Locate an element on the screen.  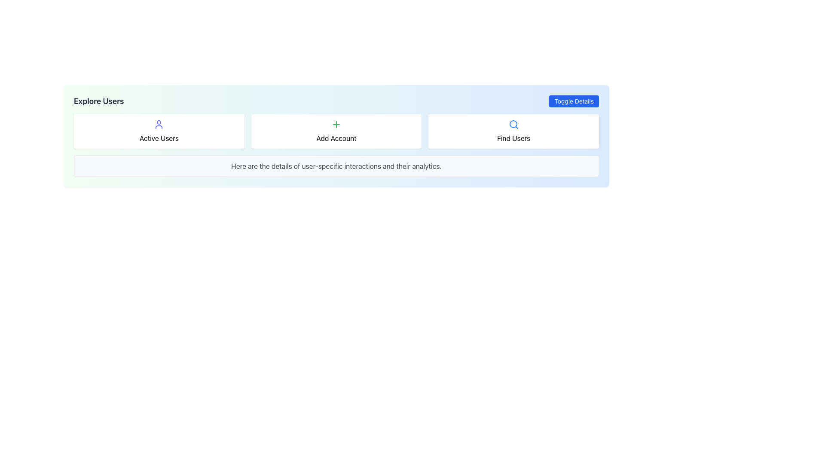
the appearance of the circular icon at the center of the search icon within the 'Find Users' button, which has a blue outline stroke is located at coordinates (513, 124).